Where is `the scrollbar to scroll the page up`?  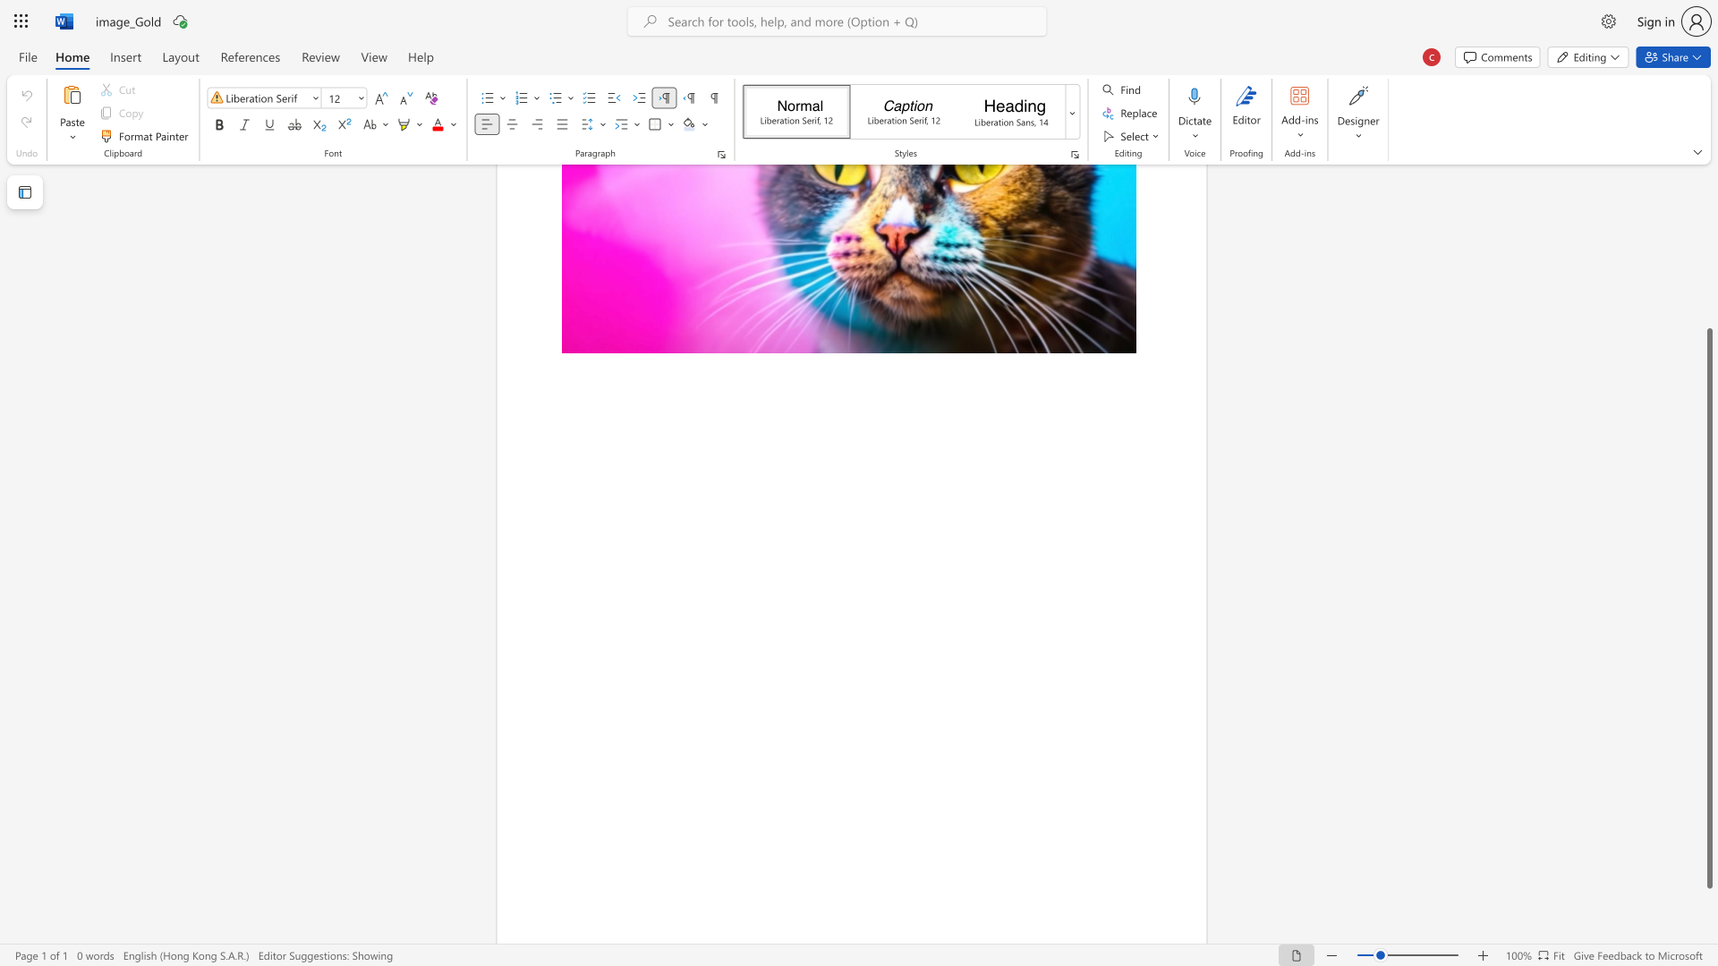
the scrollbar to scroll the page up is located at coordinates (1708, 258).